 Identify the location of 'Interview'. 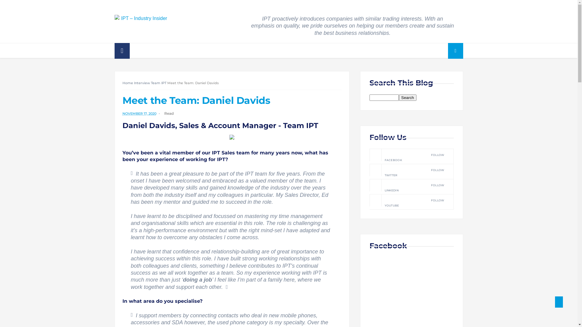
(142, 83).